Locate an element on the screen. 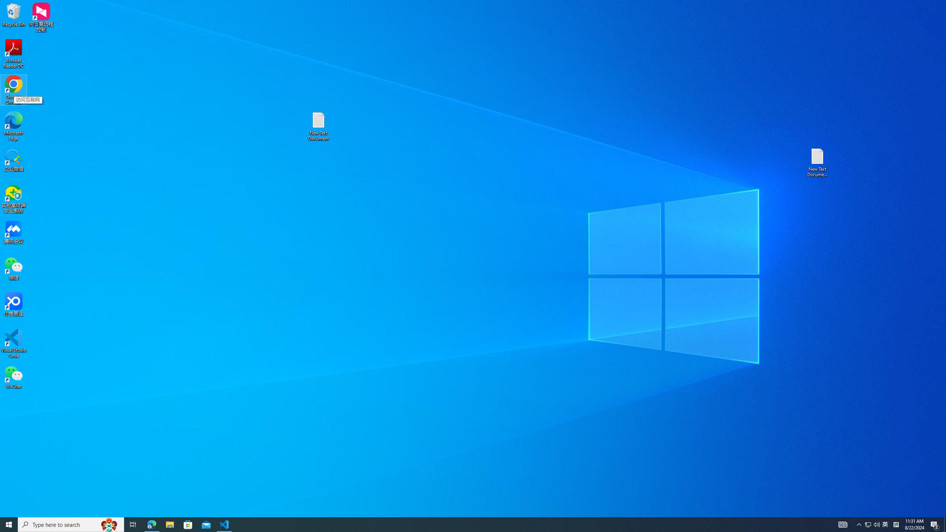  'Google Chrome' is located at coordinates (13, 90).